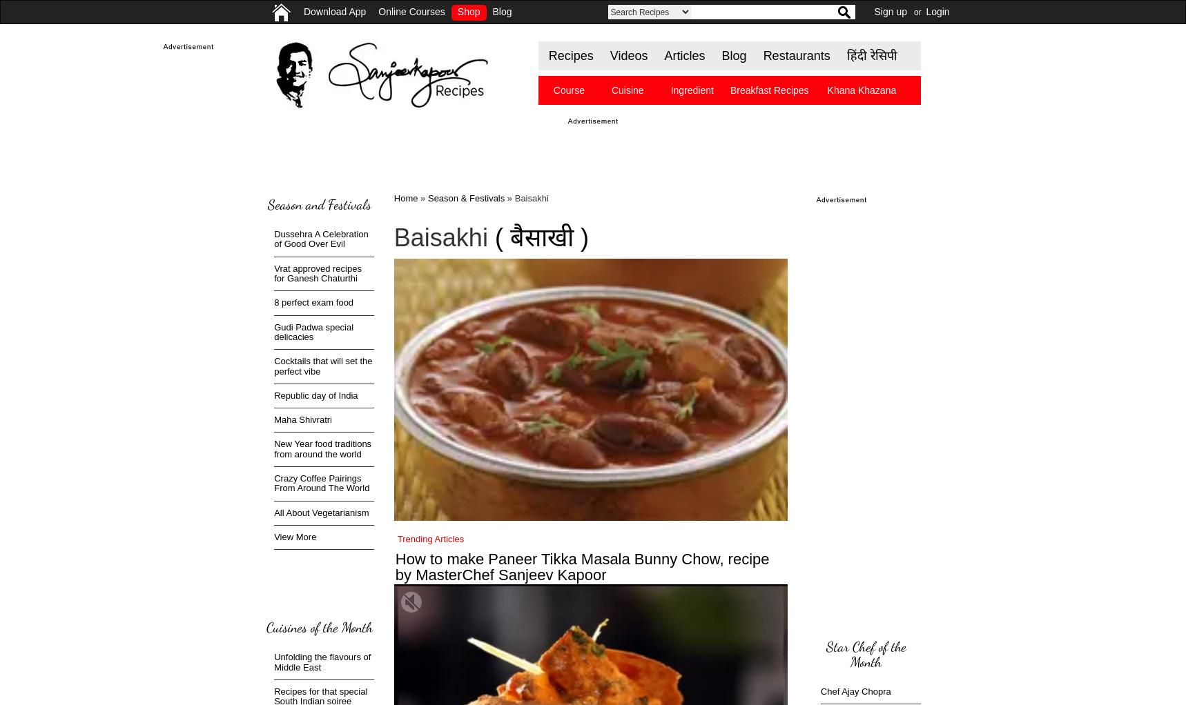  I want to click on 'Ingredient', so click(670, 90).